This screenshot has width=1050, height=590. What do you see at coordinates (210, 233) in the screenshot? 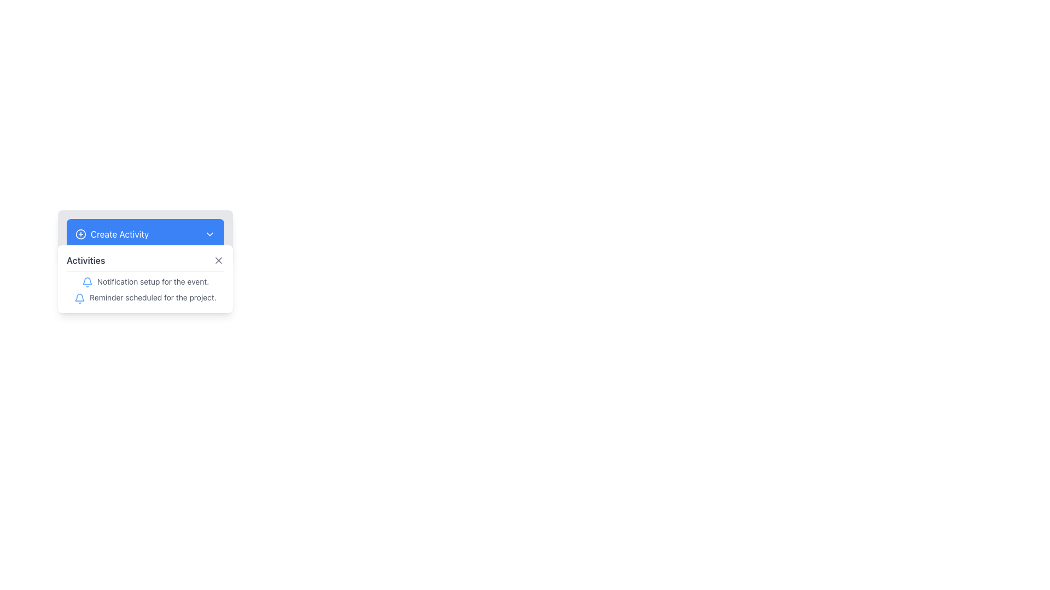
I see `the chevron icon located in the upper-right corner of the 'Create Activity' button` at bounding box center [210, 233].